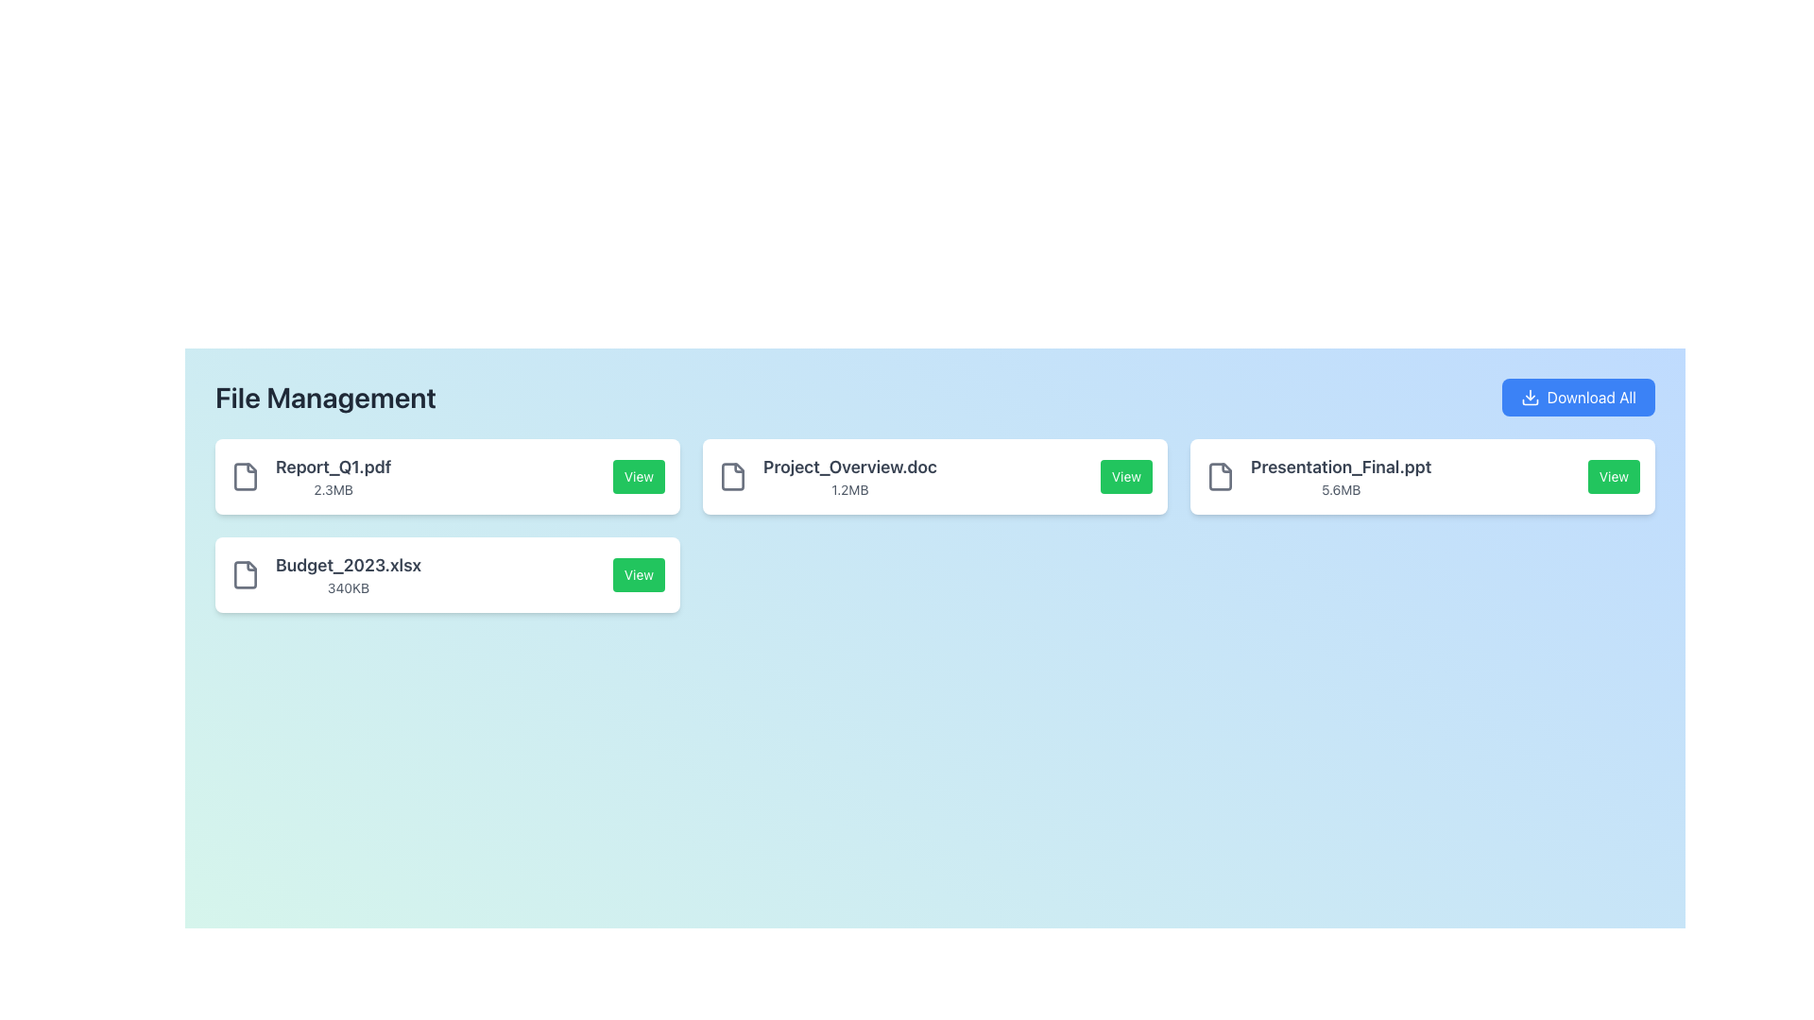 This screenshot has height=1020, width=1814. What do you see at coordinates (349, 574) in the screenshot?
I see `the Text Display Component showing 'Budget_2023.xlsx' and '340KB'` at bounding box center [349, 574].